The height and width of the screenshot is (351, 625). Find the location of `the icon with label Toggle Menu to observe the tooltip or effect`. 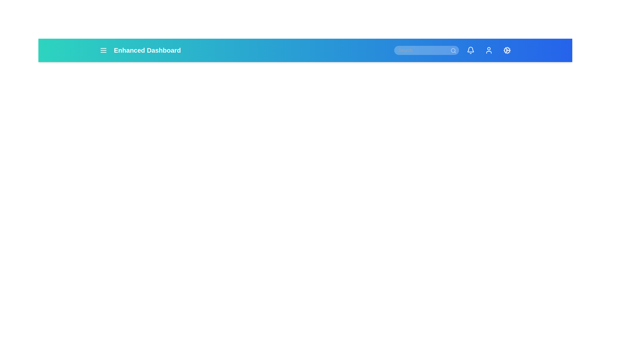

the icon with label Toggle Menu to observe the tooltip or effect is located at coordinates (103, 50).